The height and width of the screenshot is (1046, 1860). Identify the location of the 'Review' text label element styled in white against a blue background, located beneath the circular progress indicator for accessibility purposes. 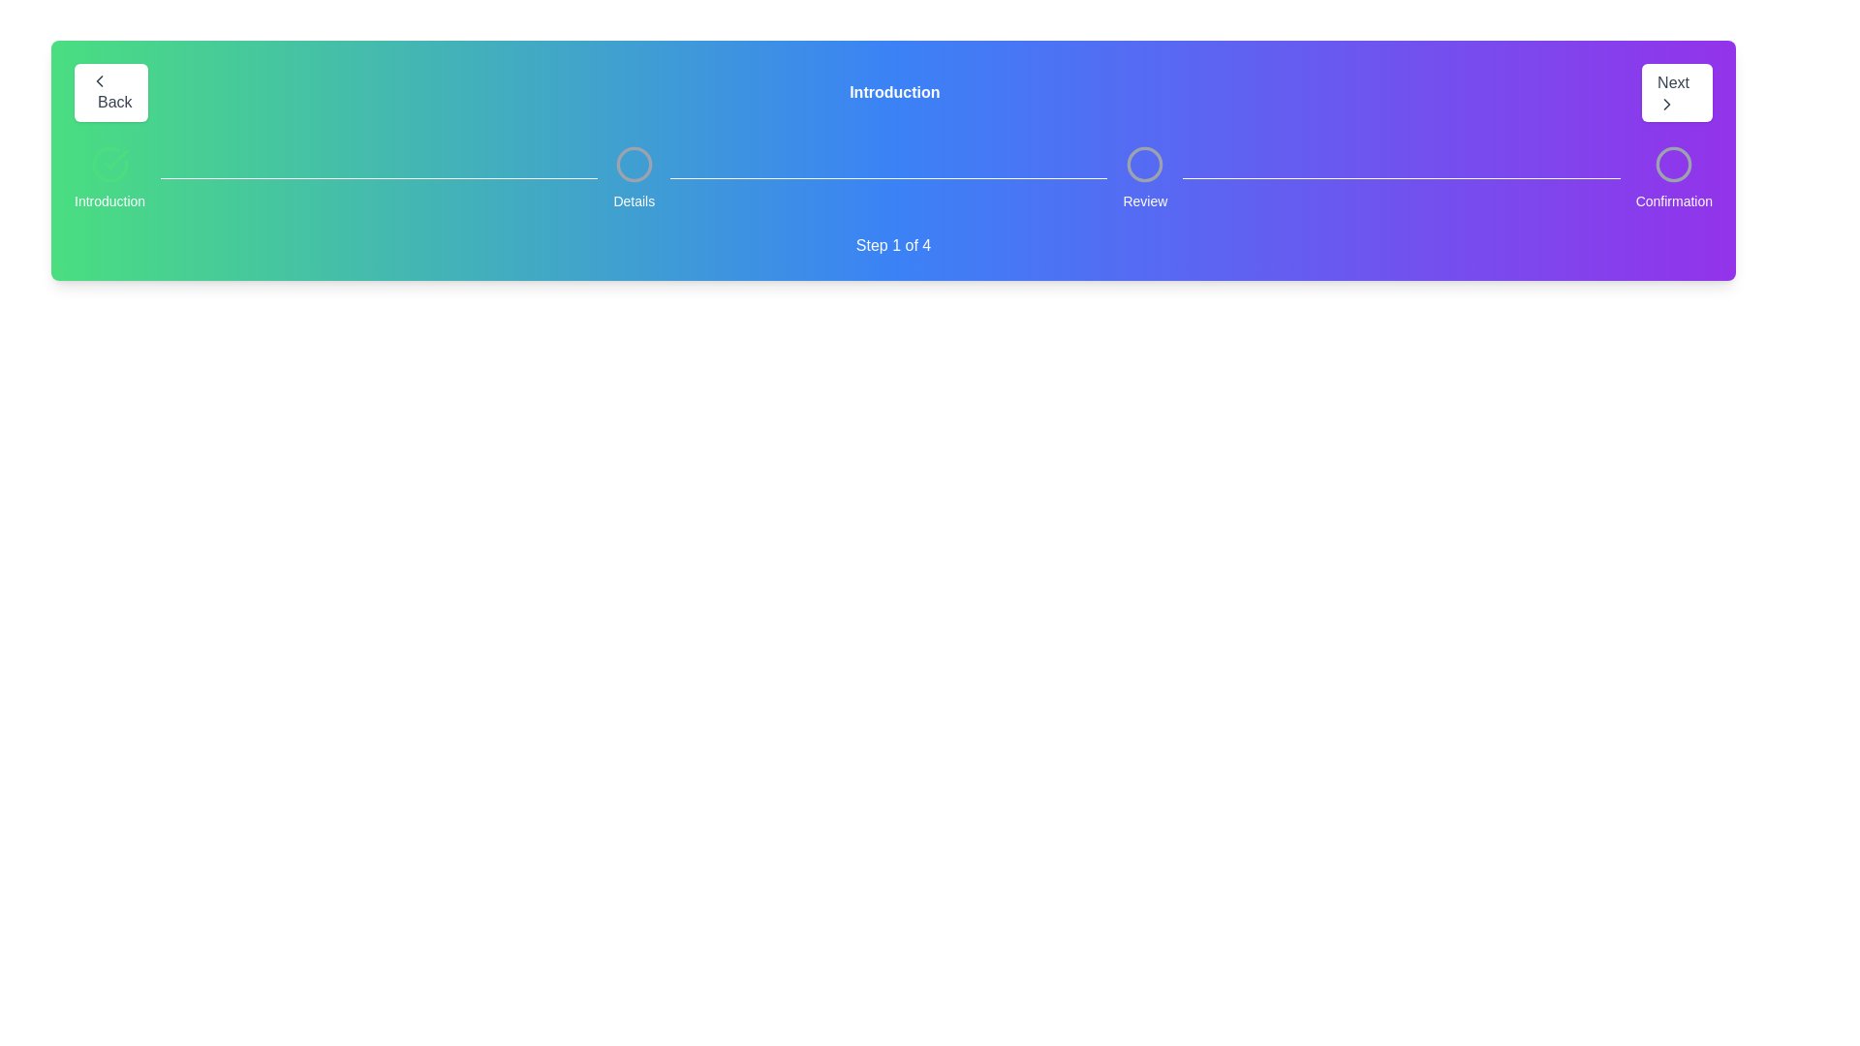
(1145, 201).